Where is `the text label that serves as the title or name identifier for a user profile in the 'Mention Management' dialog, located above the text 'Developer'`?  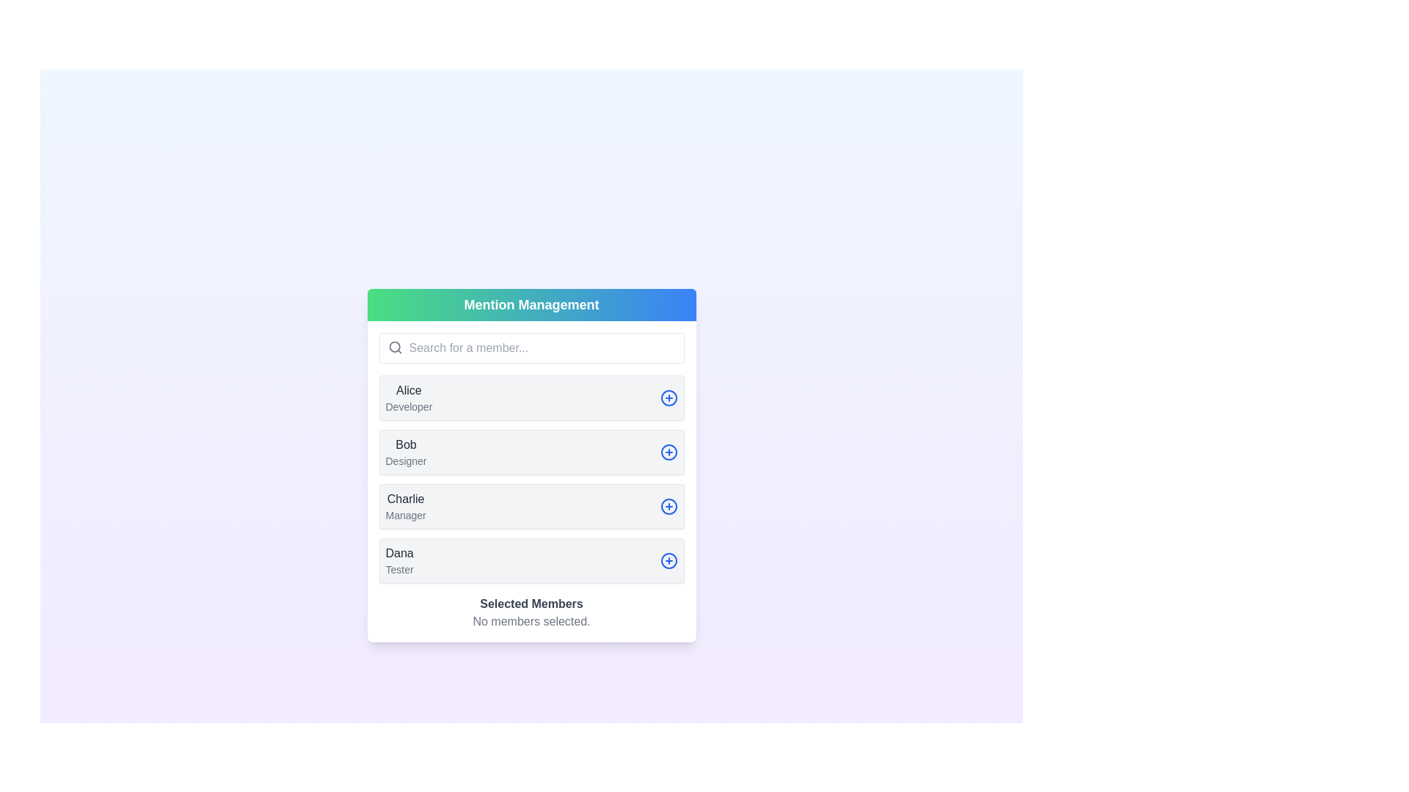
the text label that serves as the title or name identifier for a user profile in the 'Mention Management' dialog, located above the text 'Developer' is located at coordinates (409, 389).